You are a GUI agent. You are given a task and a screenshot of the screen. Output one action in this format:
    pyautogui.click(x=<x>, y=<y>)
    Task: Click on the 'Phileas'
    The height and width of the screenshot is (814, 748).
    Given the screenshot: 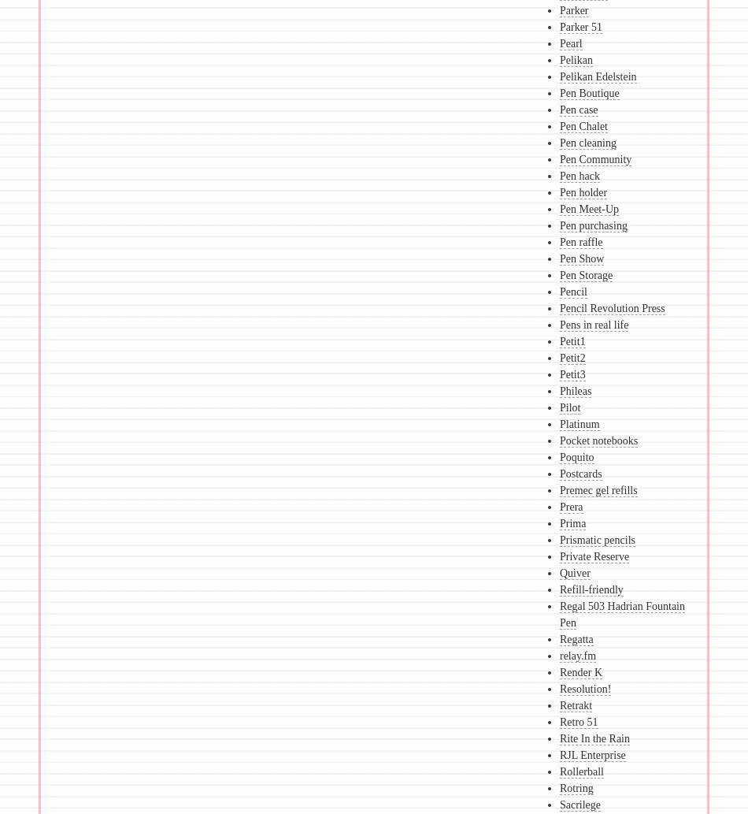 What is the action you would take?
    pyautogui.click(x=574, y=391)
    